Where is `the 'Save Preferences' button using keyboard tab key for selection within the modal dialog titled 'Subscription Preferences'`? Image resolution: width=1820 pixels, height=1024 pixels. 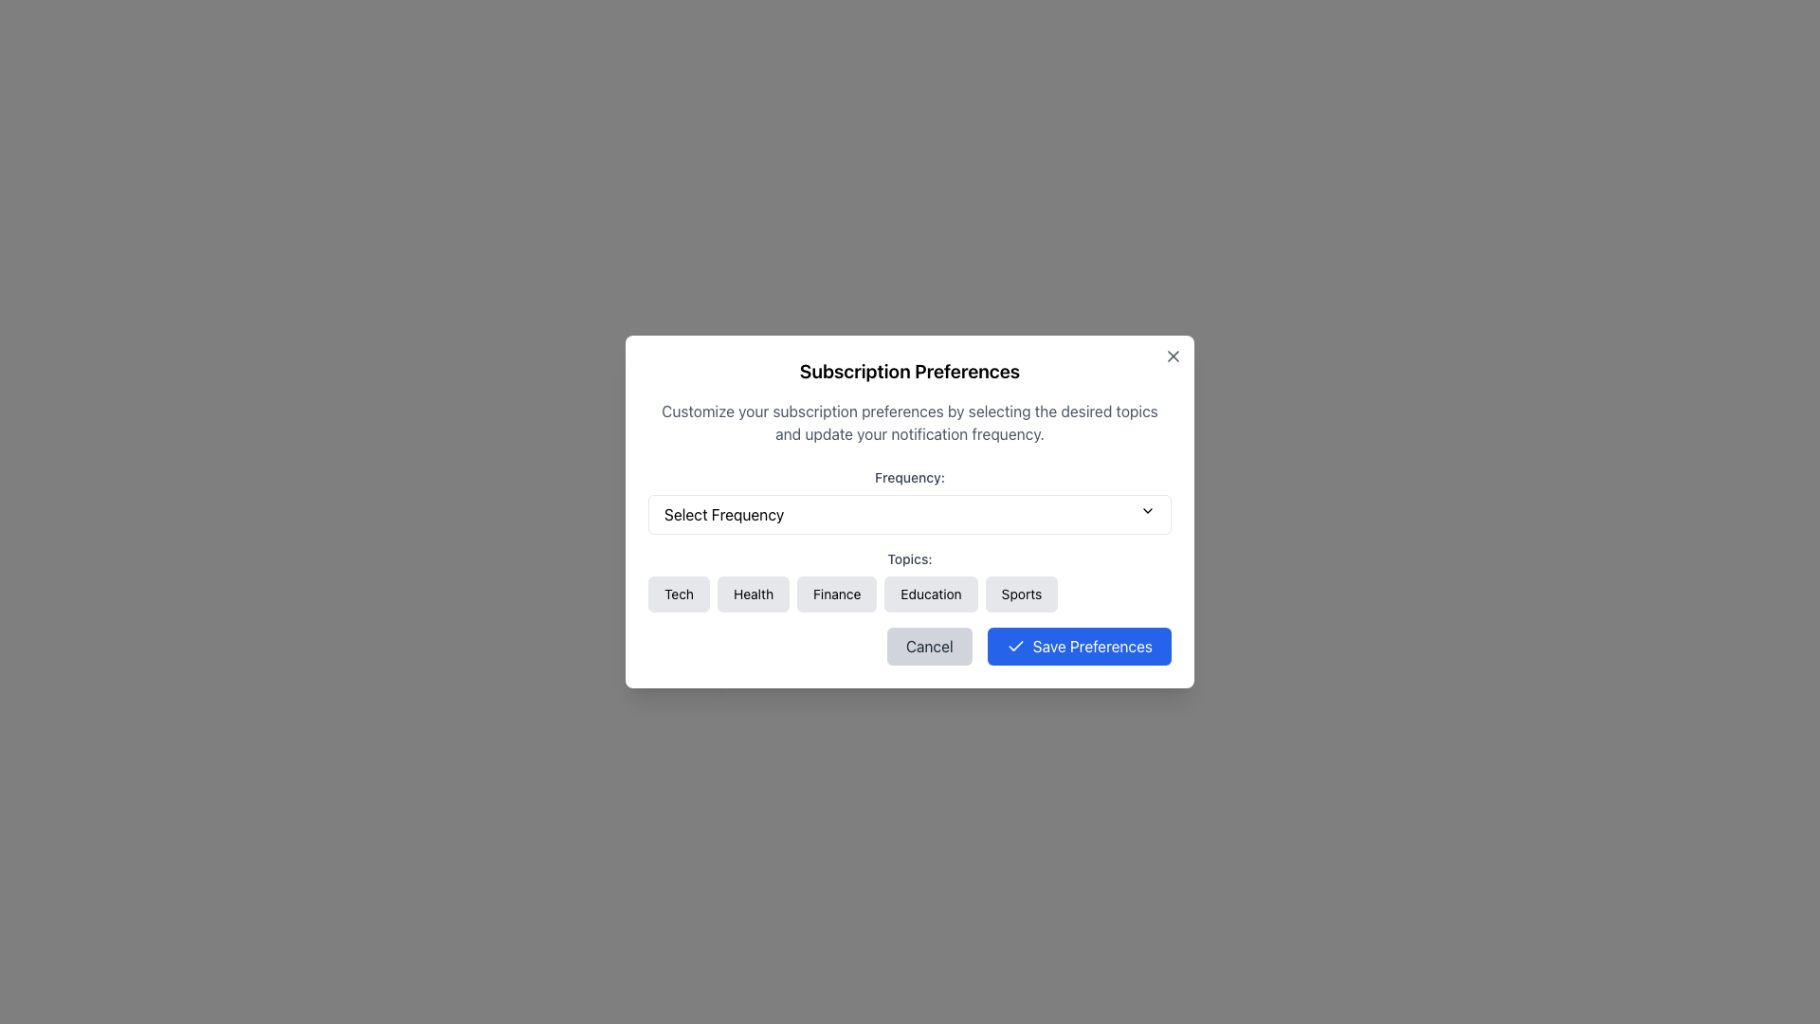
the 'Save Preferences' button using keyboard tab key for selection within the modal dialog titled 'Subscription Preferences' is located at coordinates (1079, 646).